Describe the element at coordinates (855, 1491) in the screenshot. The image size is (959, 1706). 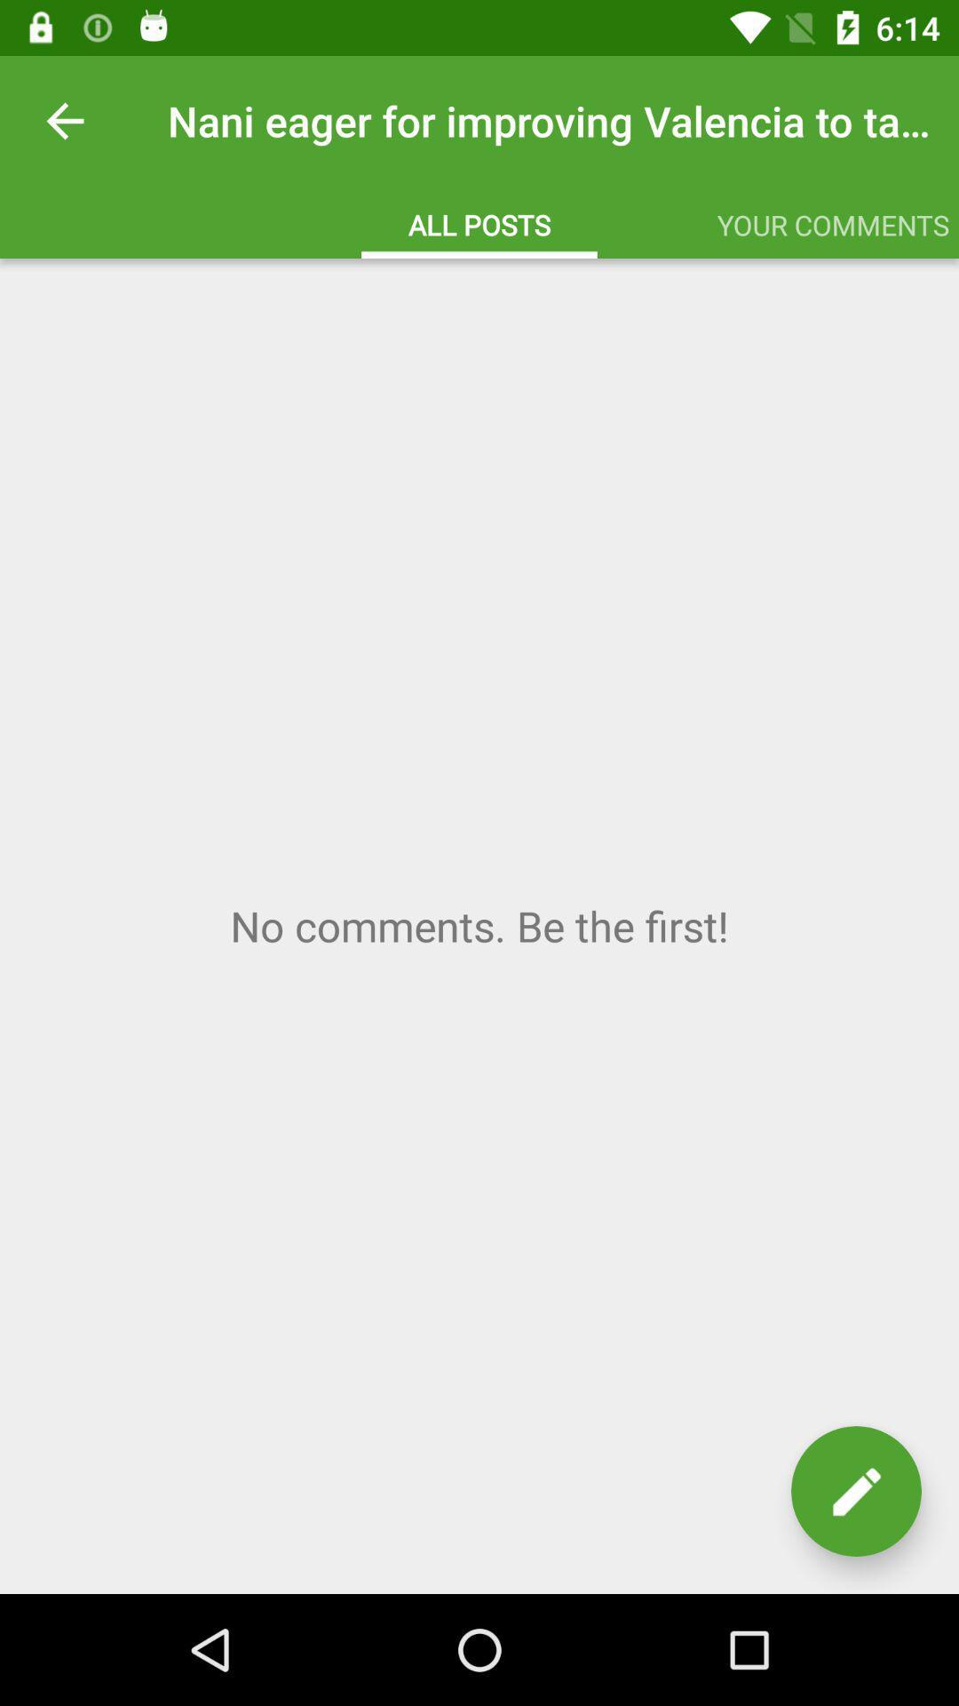
I see `the edit icon` at that location.